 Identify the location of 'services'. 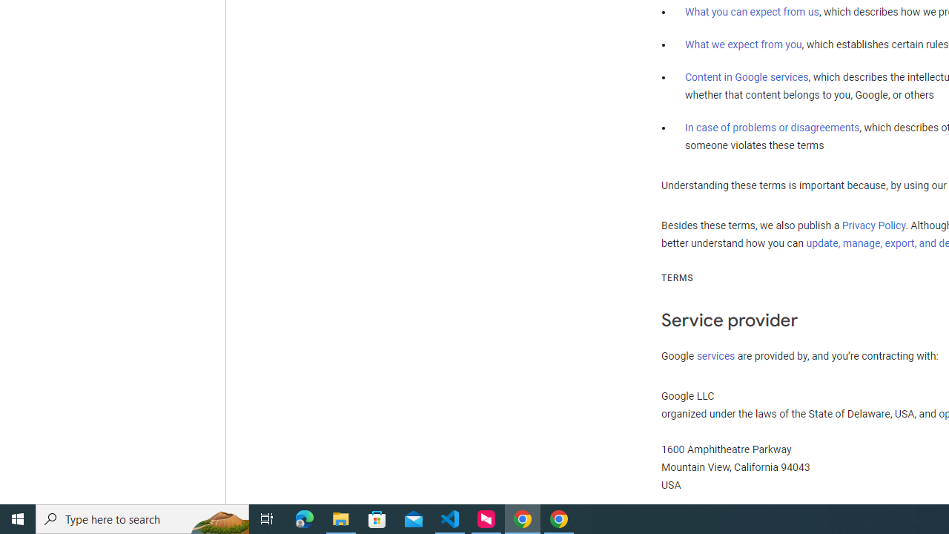
(715, 355).